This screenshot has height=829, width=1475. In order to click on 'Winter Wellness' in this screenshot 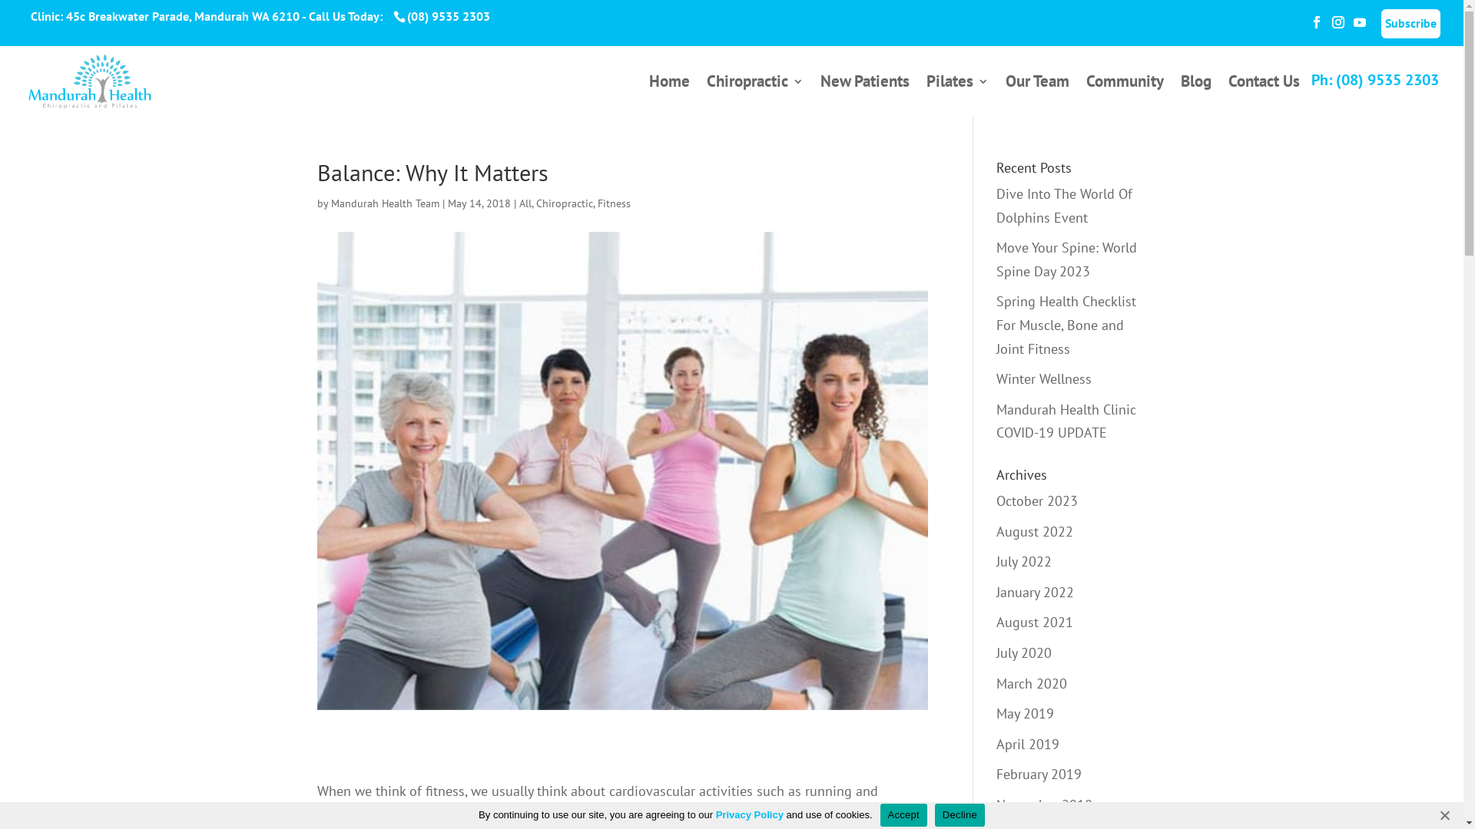, I will do `click(1043, 378)`.